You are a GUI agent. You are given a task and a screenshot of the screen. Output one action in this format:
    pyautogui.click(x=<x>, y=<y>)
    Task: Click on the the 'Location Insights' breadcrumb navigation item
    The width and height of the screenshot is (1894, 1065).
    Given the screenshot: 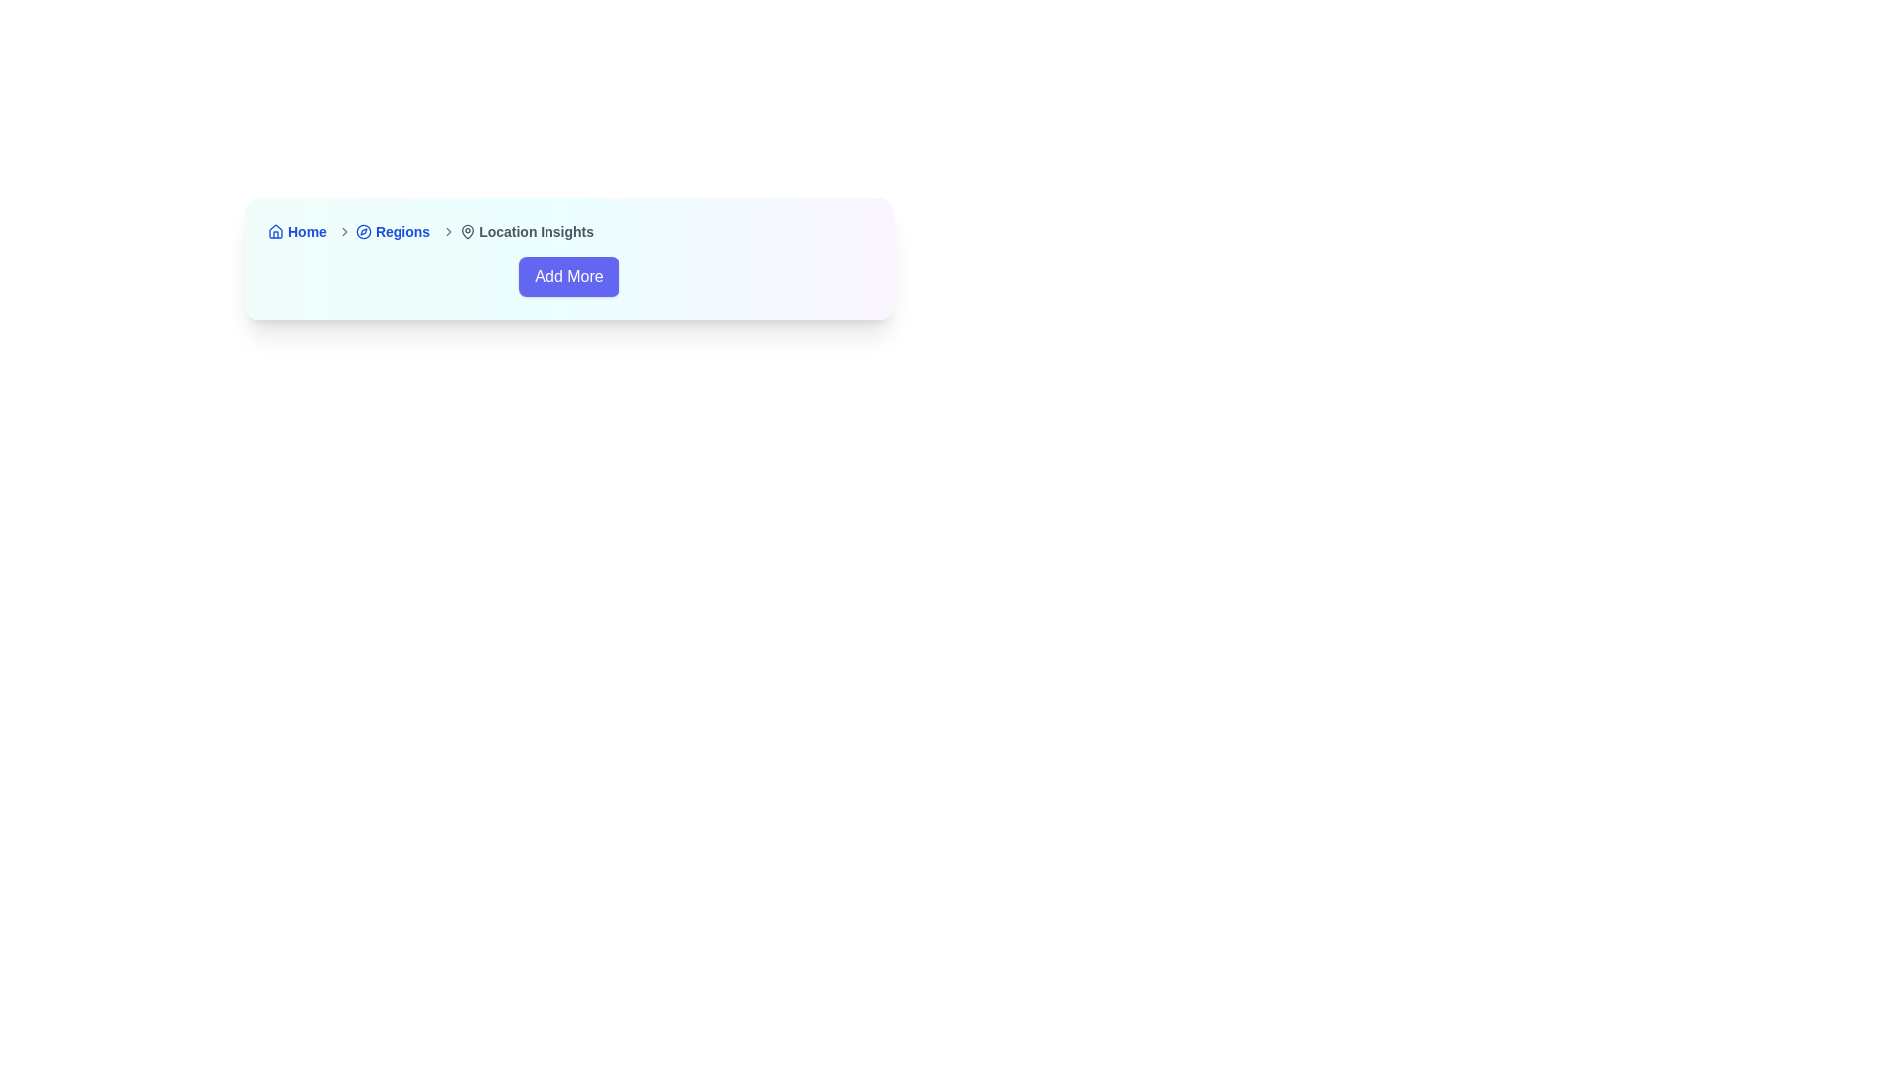 What is the action you would take?
    pyautogui.click(x=516, y=231)
    